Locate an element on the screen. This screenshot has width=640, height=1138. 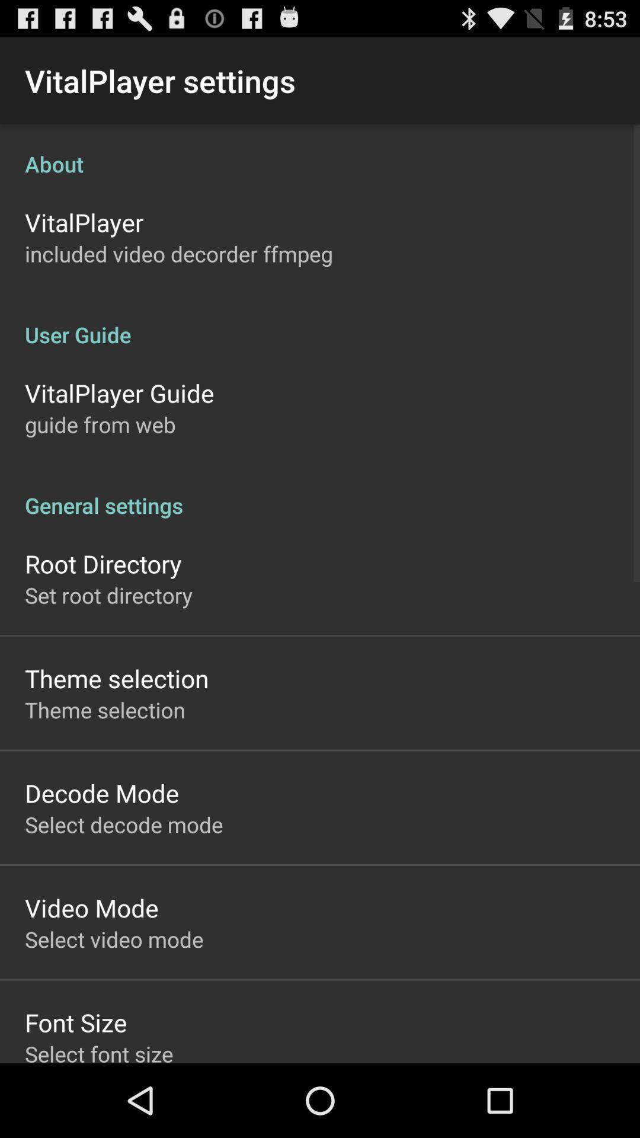
the app below user guide item is located at coordinates (119, 392).